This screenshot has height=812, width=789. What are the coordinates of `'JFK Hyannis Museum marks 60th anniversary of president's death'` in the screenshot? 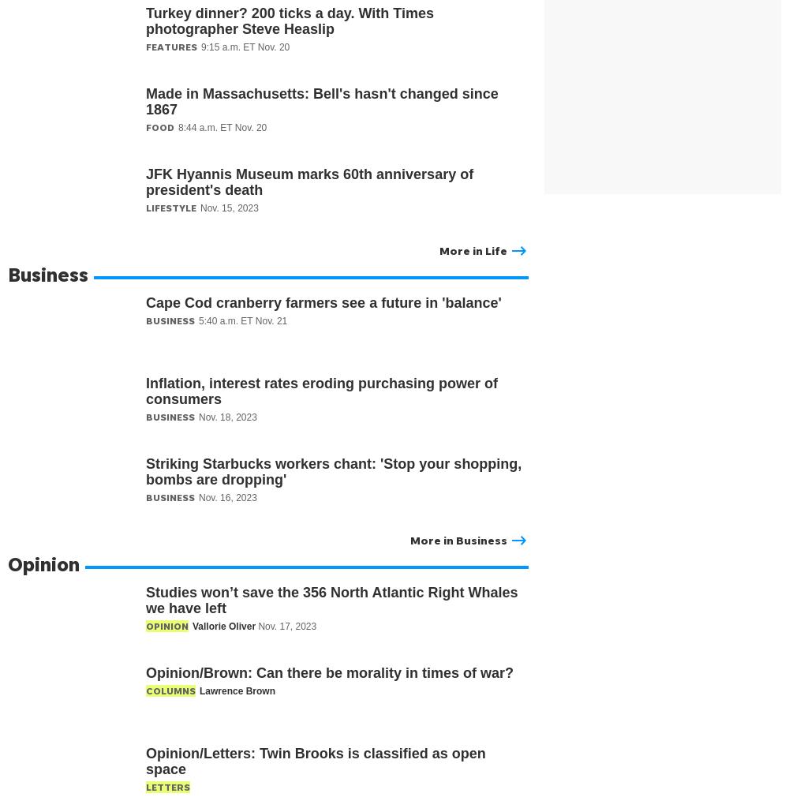 It's located at (309, 181).